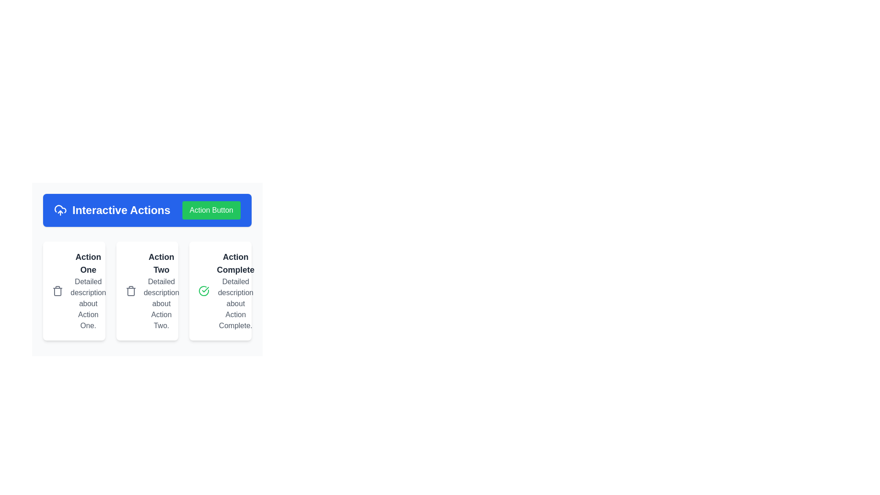 This screenshot has width=880, height=495. What do you see at coordinates (60, 210) in the screenshot?
I see `the cloud upload icon with a blue background and white graphical lines, which is positioned to the left of the 'Interactive Actions' text` at bounding box center [60, 210].